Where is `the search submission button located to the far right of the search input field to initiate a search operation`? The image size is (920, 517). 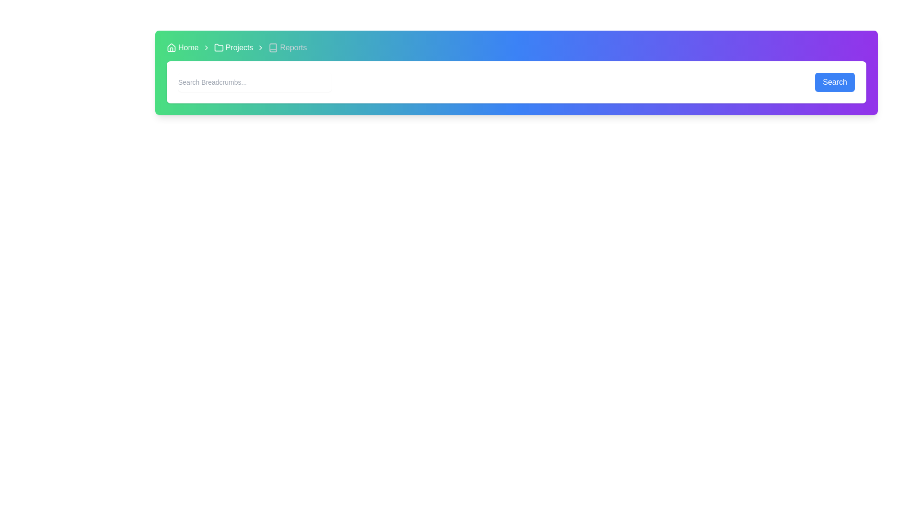
the search submission button located to the far right of the search input field to initiate a search operation is located at coordinates (834, 82).